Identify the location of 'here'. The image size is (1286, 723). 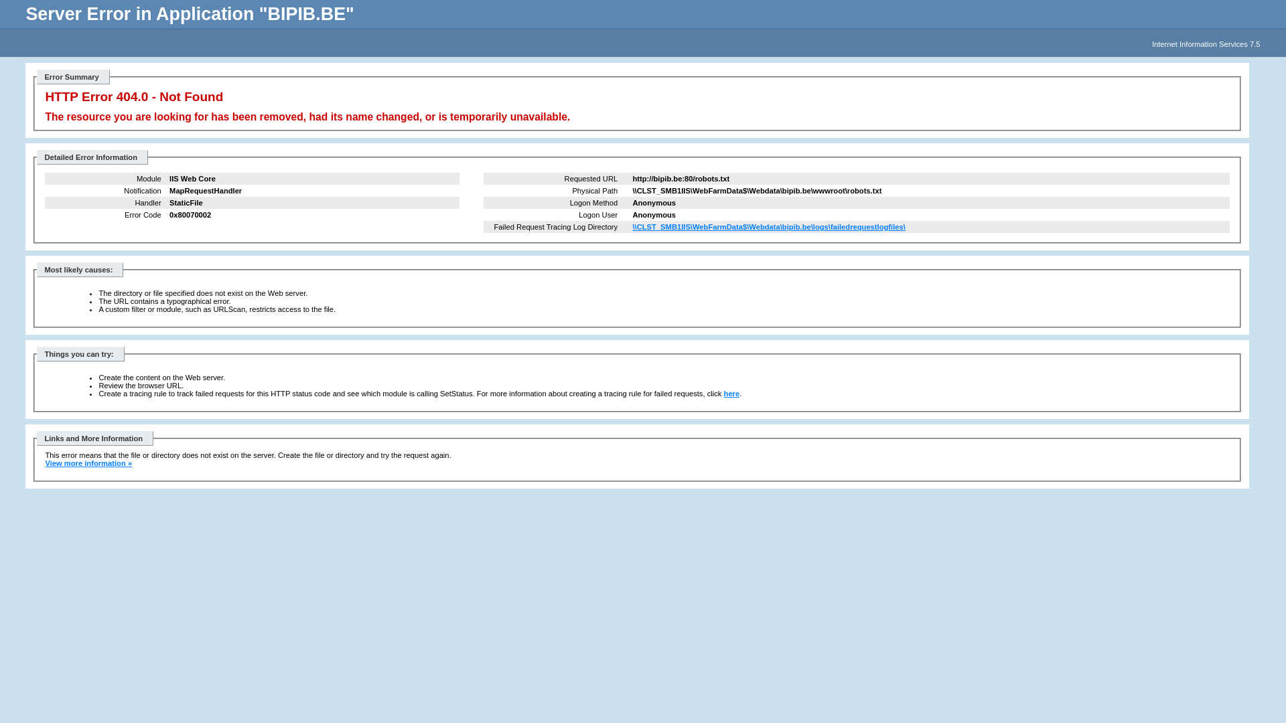
(731, 392).